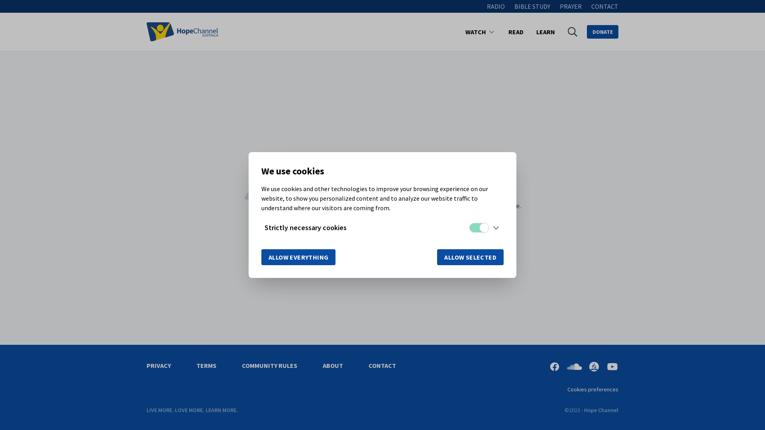 Image resolution: width=765 pixels, height=430 pixels. What do you see at coordinates (206, 365) in the screenshot?
I see `'TERMS'` at bounding box center [206, 365].